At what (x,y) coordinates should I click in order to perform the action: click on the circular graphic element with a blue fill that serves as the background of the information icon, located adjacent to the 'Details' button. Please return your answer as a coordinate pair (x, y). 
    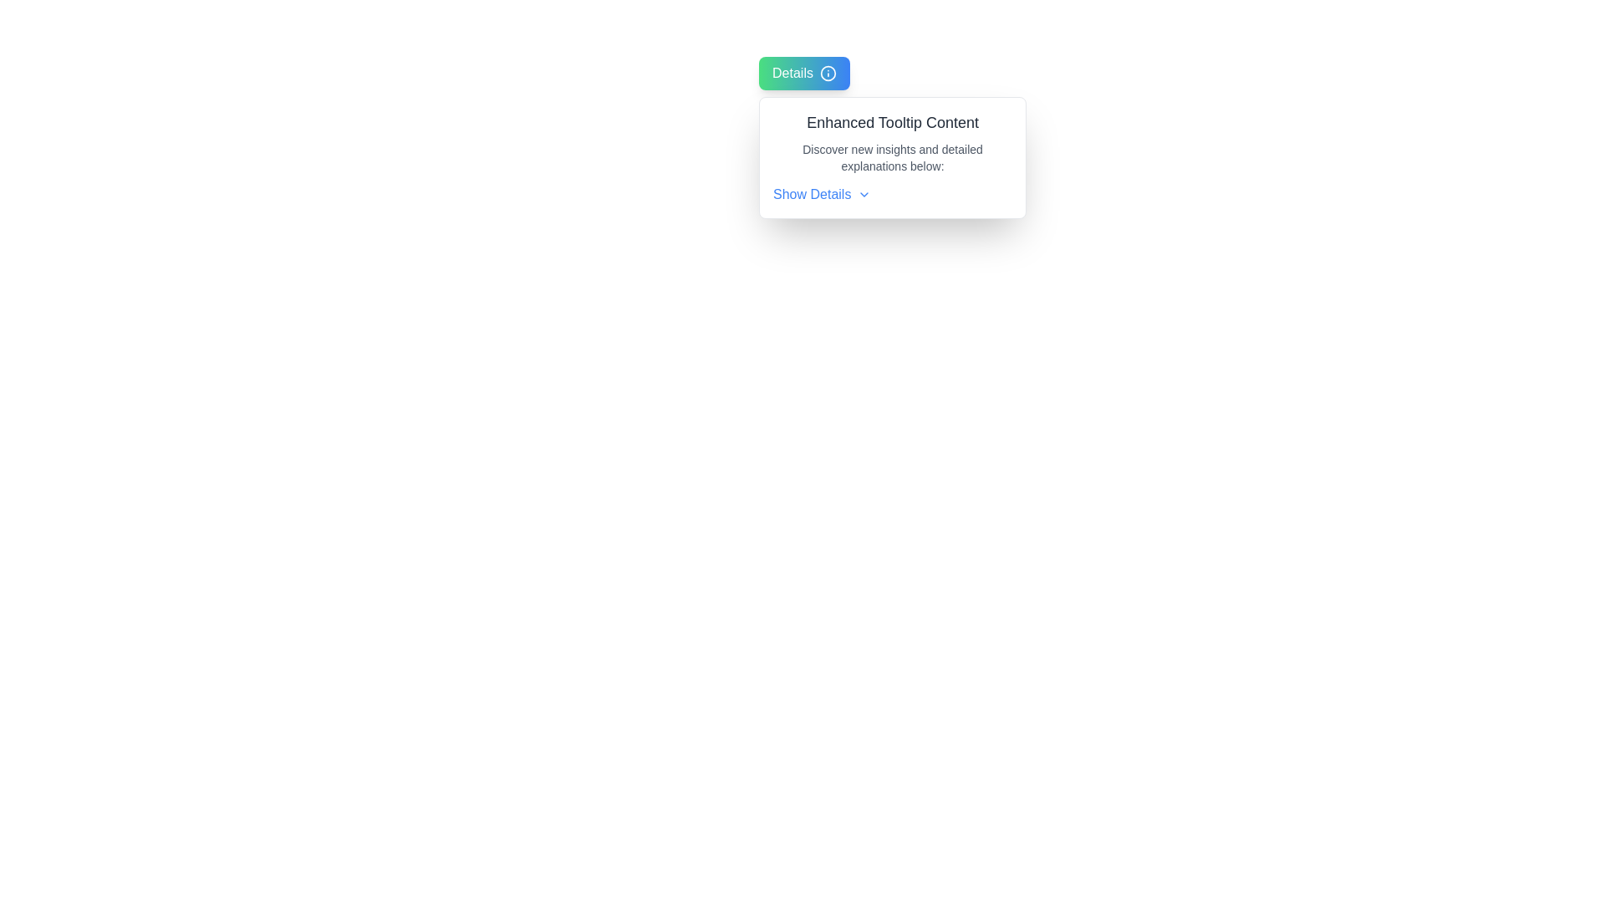
    Looking at the image, I should click on (828, 73).